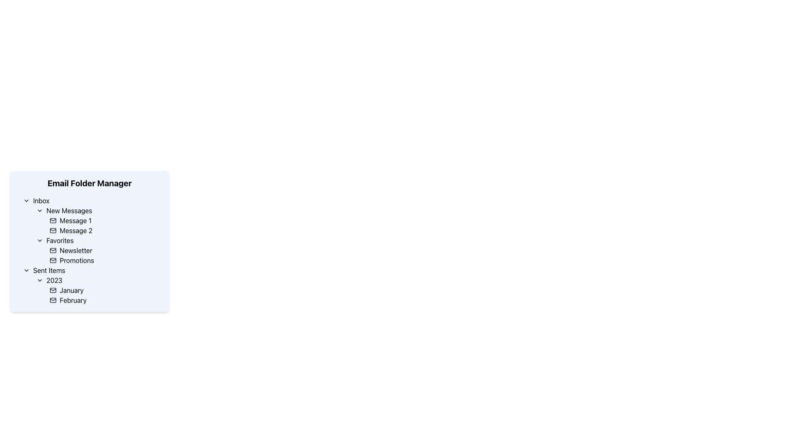 This screenshot has width=797, height=448. I want to click on the text label displaying 'February' in black, so click(73, 300).